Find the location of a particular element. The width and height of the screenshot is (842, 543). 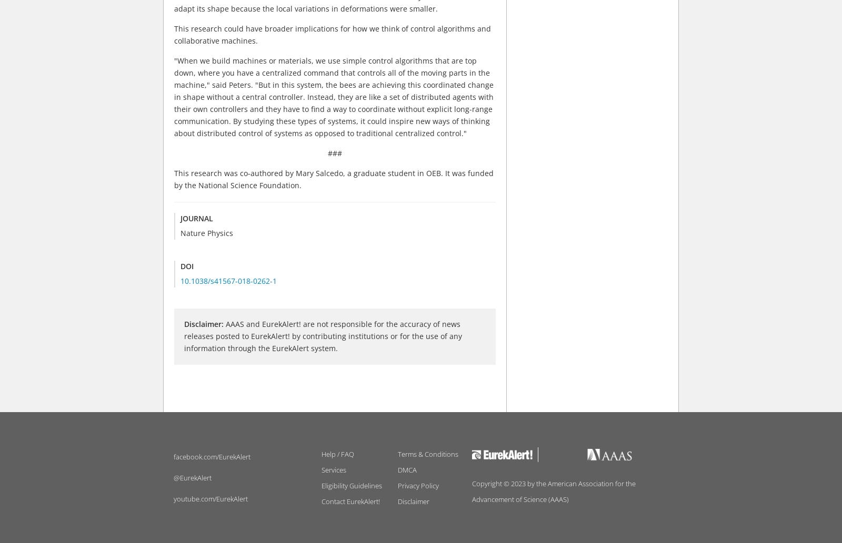

'This research was co-authored by Mary Salcedo, a graduate student in OEB. It was funded by the National Science Foundation.' is located at coordinates (334, 178).